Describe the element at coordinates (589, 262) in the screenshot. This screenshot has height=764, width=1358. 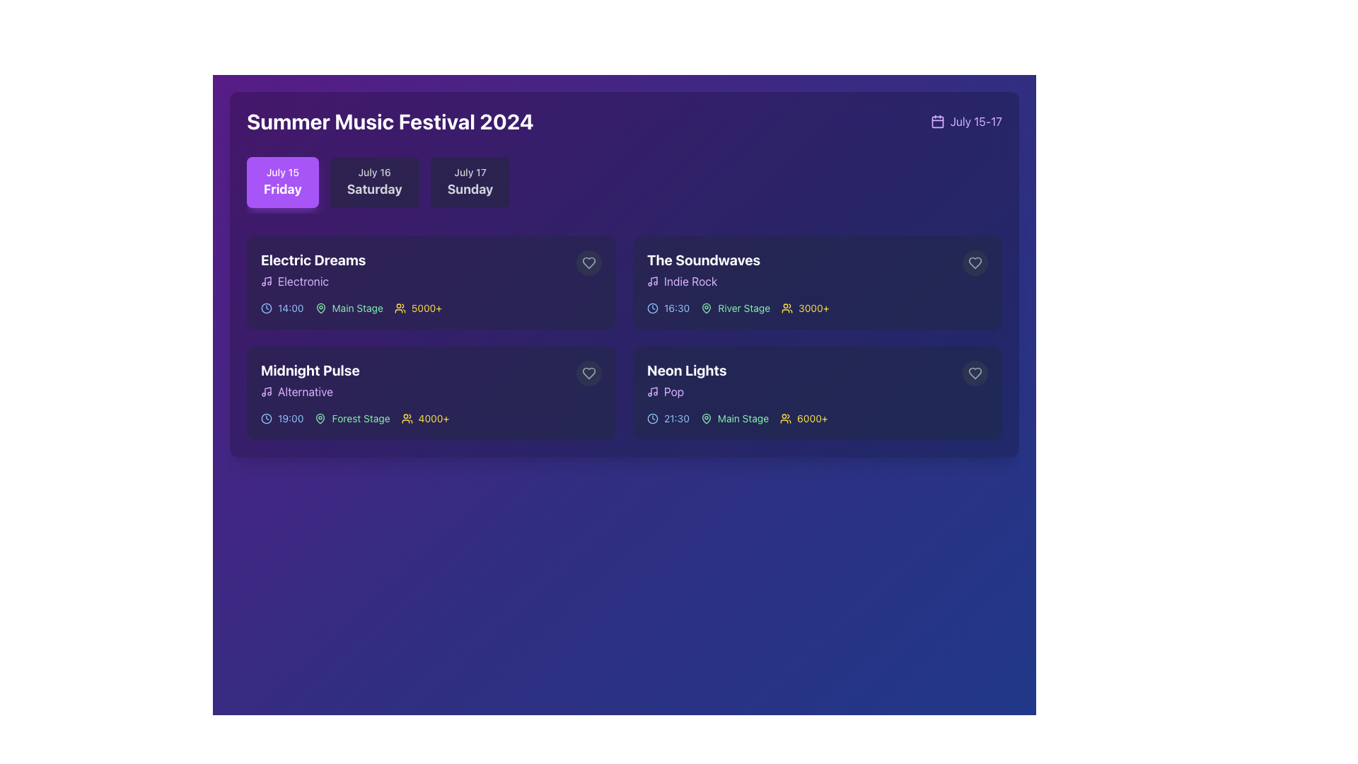
I see `the heart-shaped 'favorite' button located in the top-right corner of the first event card for 'Electric Dreams'` at that location.